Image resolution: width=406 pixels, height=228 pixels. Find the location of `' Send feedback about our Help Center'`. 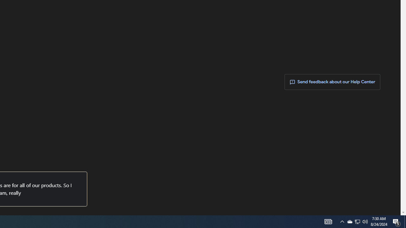

' Send feedback about our Help Center' is located at coordinates (332, 82).